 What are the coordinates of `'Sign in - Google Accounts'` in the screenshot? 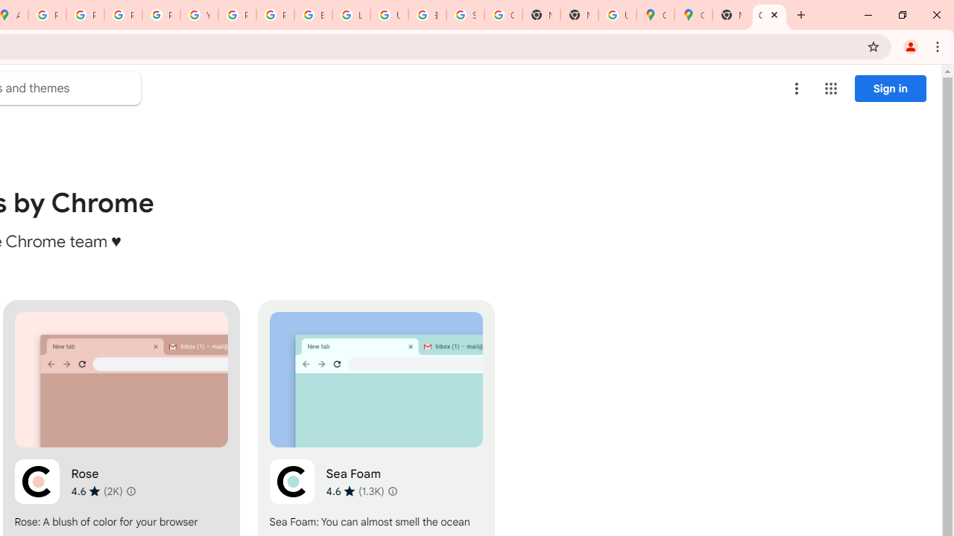 It's located at (464, 15).